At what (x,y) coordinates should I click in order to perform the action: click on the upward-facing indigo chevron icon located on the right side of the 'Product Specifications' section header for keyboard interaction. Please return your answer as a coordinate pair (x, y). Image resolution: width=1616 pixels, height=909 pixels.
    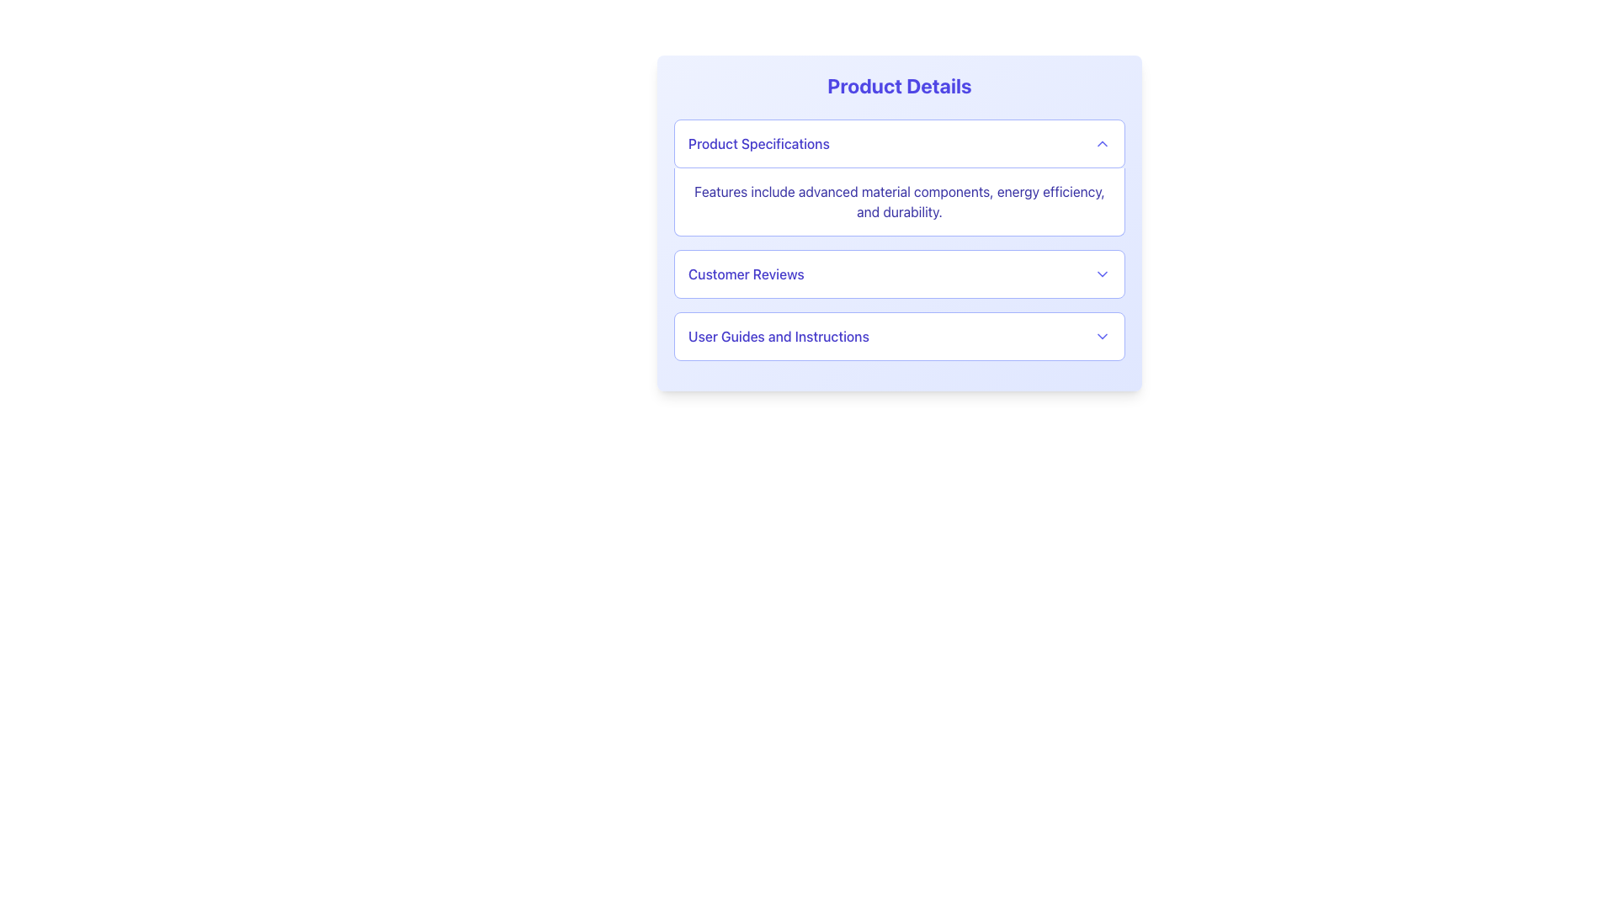
    Looking at the image, I should click on (1103, 142).